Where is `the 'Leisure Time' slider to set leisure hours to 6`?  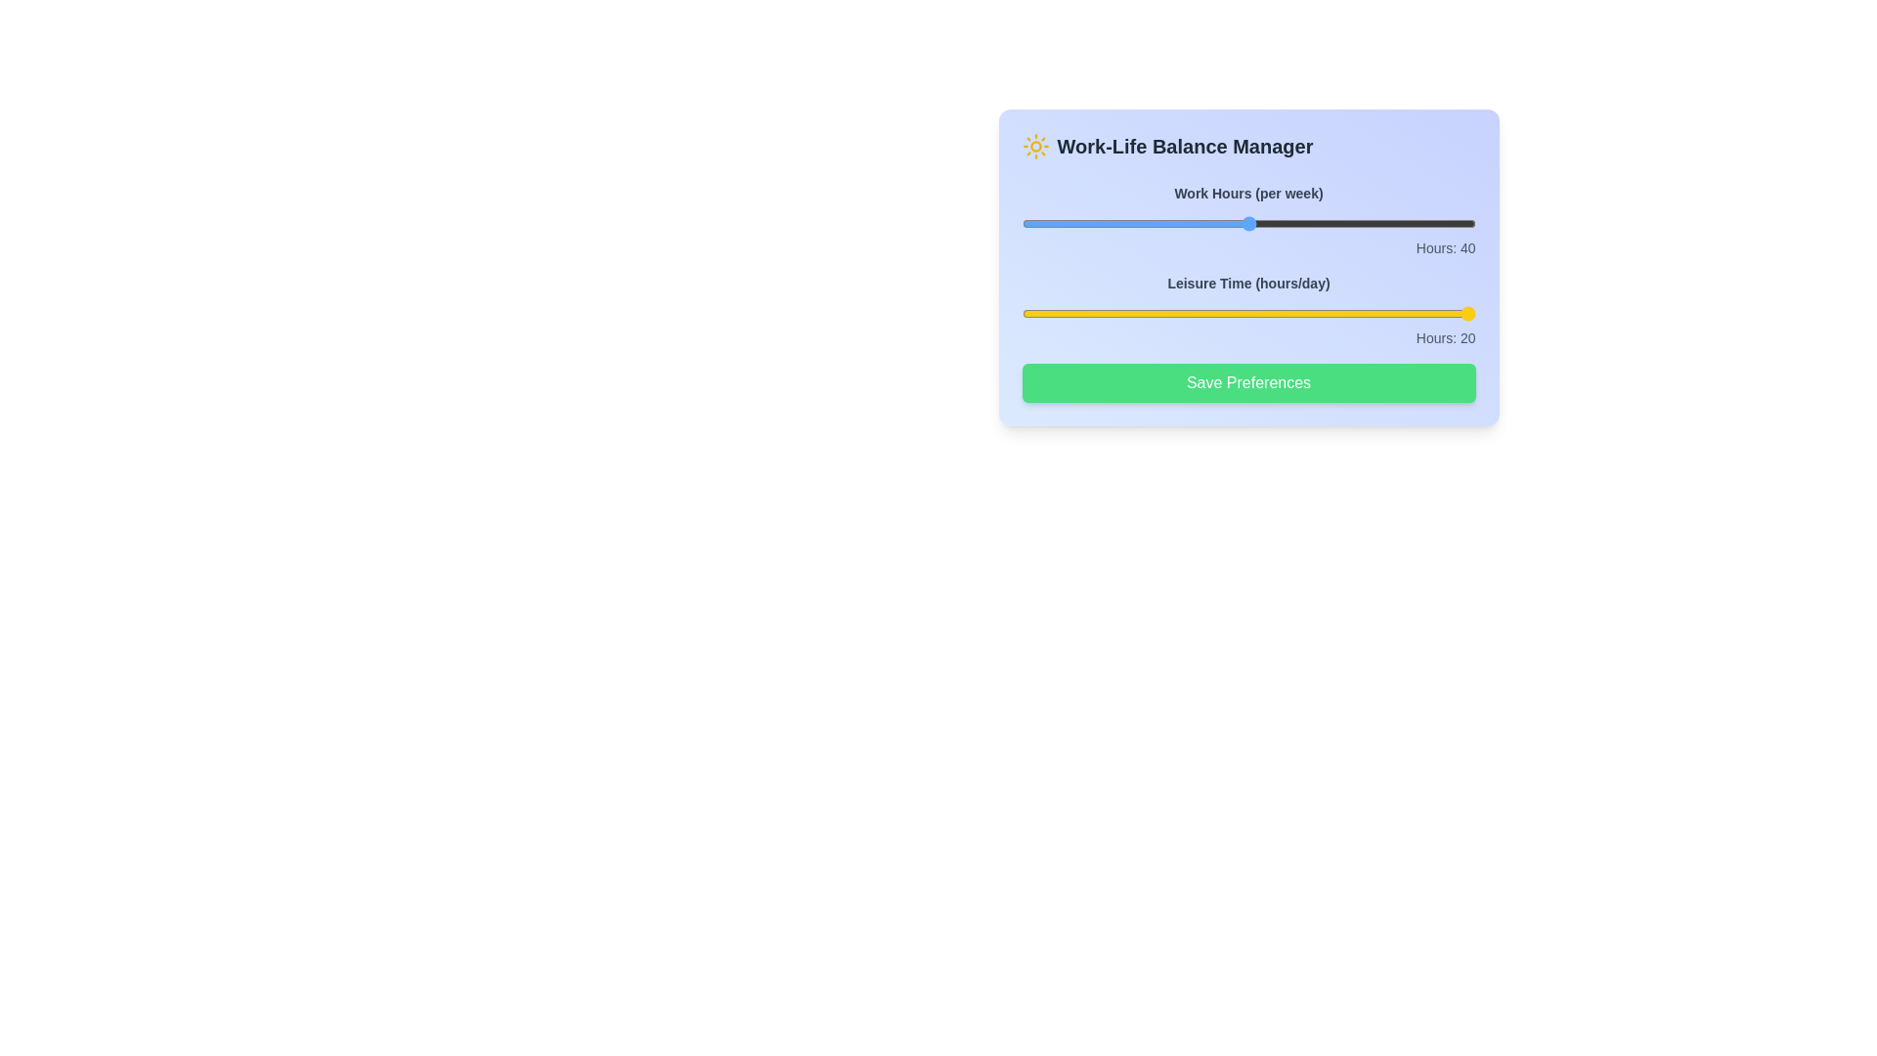 the 'Leisure Time' slider to set leisure hours to 6 is located at coordinates (1247, 312).